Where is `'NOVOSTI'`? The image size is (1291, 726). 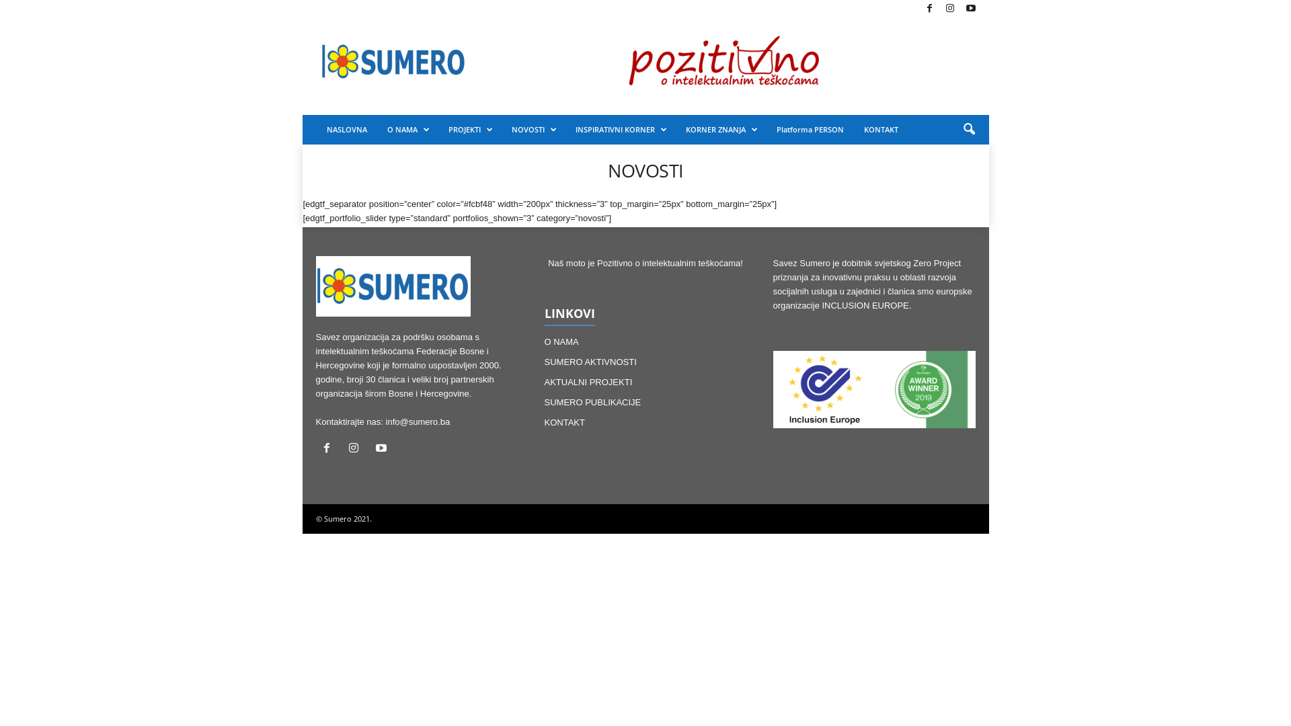
'NOVOSTI' is located at coordinates (533, 129).